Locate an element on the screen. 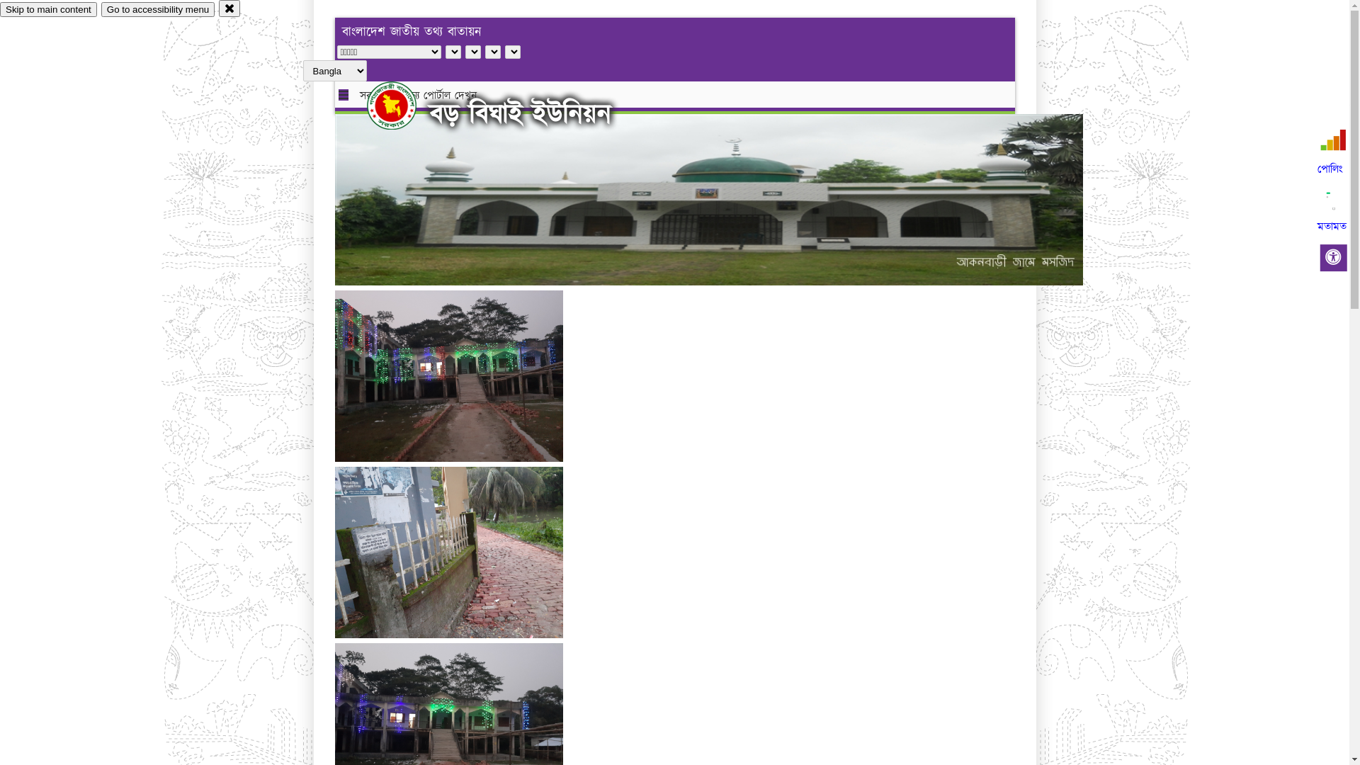  'Go to accessibility menu' is located at coordinates (157, 9).